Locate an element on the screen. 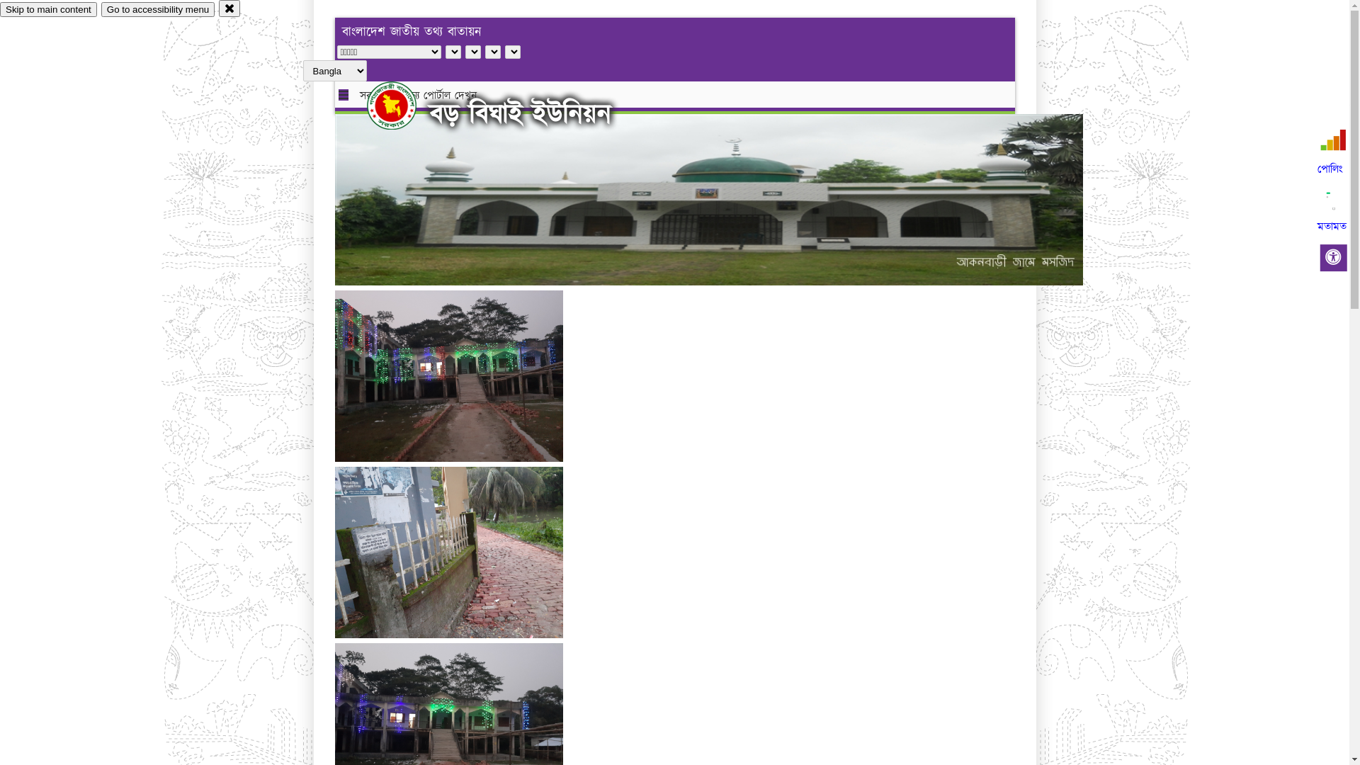  'Go to accessibility menu' is located at coordinates (157, 9).